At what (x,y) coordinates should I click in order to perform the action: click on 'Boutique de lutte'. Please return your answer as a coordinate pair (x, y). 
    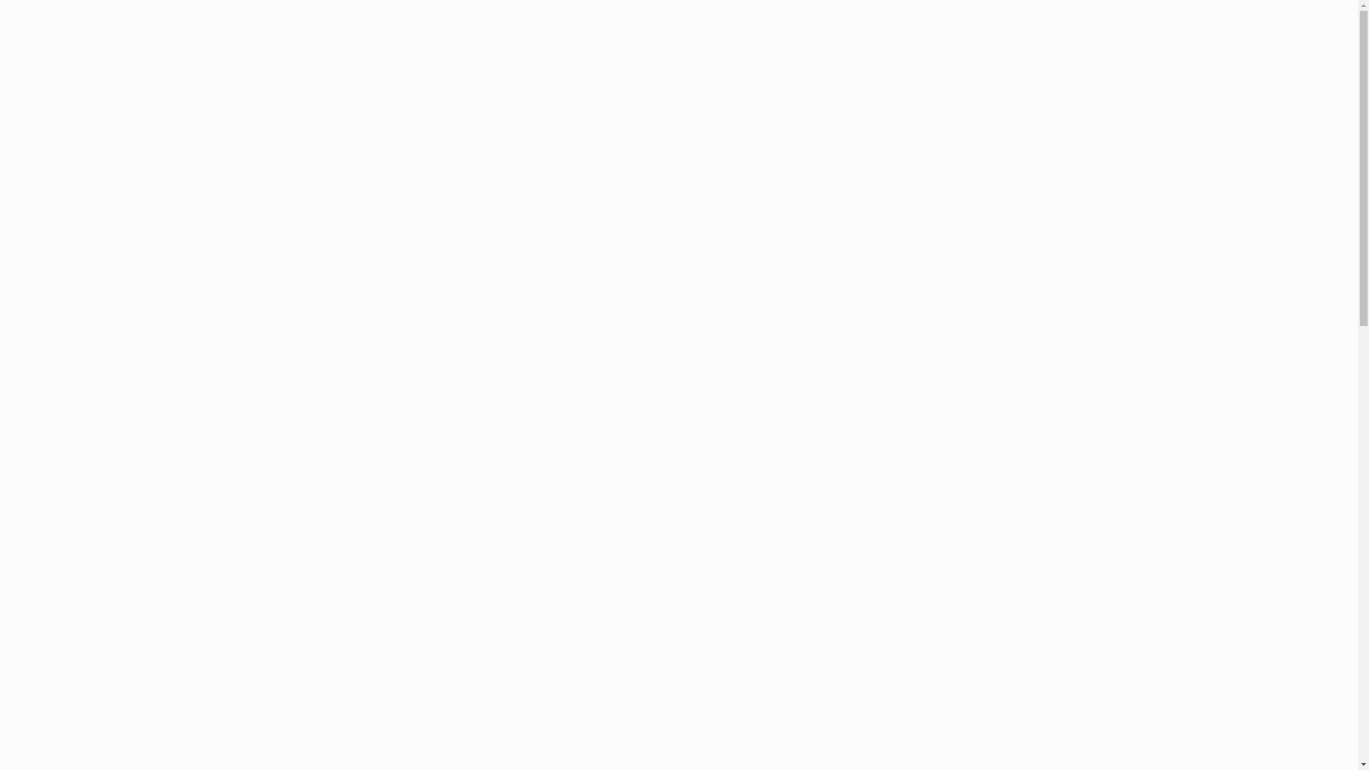
    Looking at the image, I should click on (965, 42).